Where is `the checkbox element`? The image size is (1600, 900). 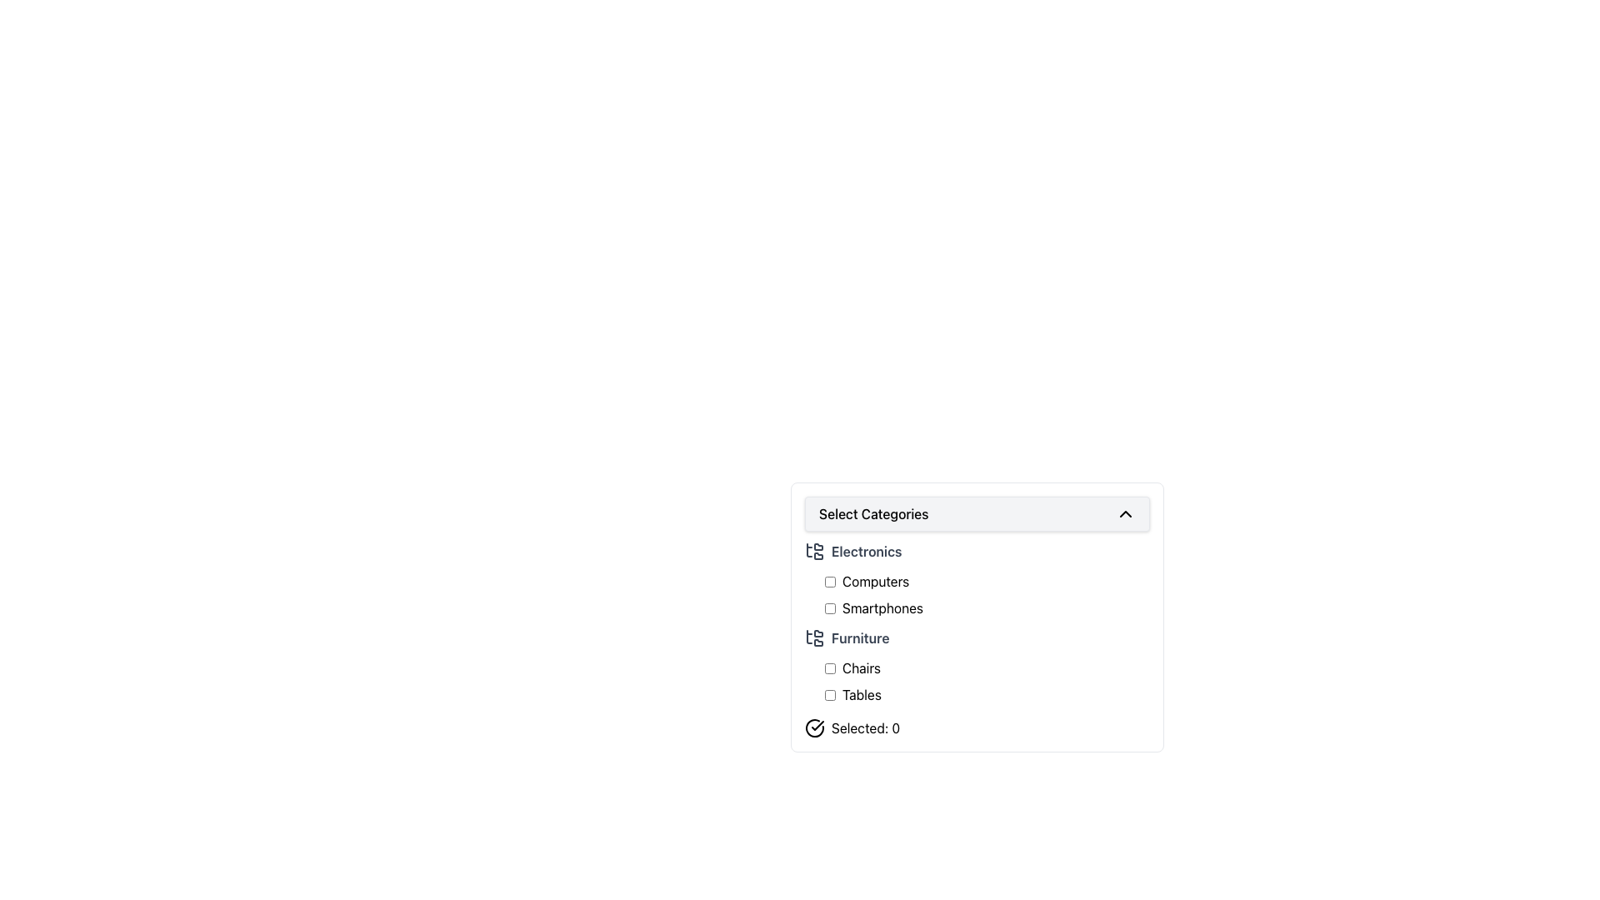 the checkbox element is located at coordinates (830, 667).